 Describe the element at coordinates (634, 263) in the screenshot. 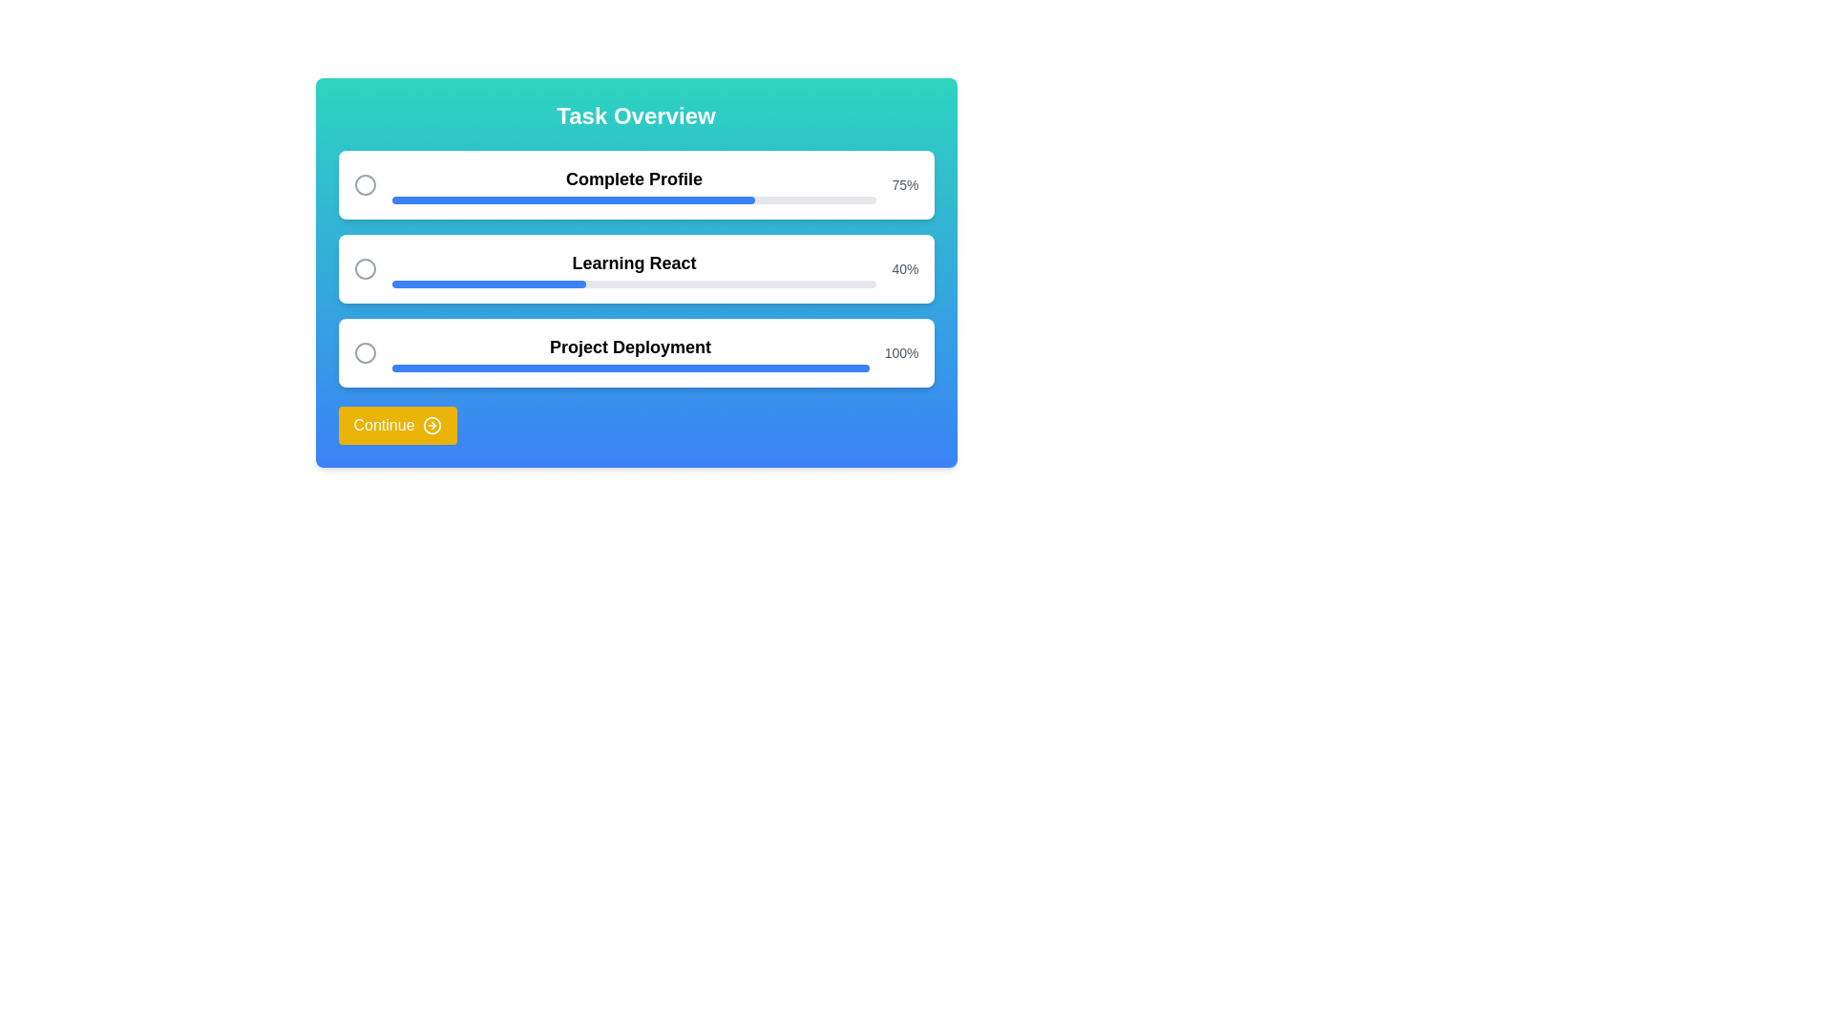

I see `text label displaying 'Learning React' in bold and enlarged font style, located in the middle of the progress tracking list under 'Task Overview'` at that location.